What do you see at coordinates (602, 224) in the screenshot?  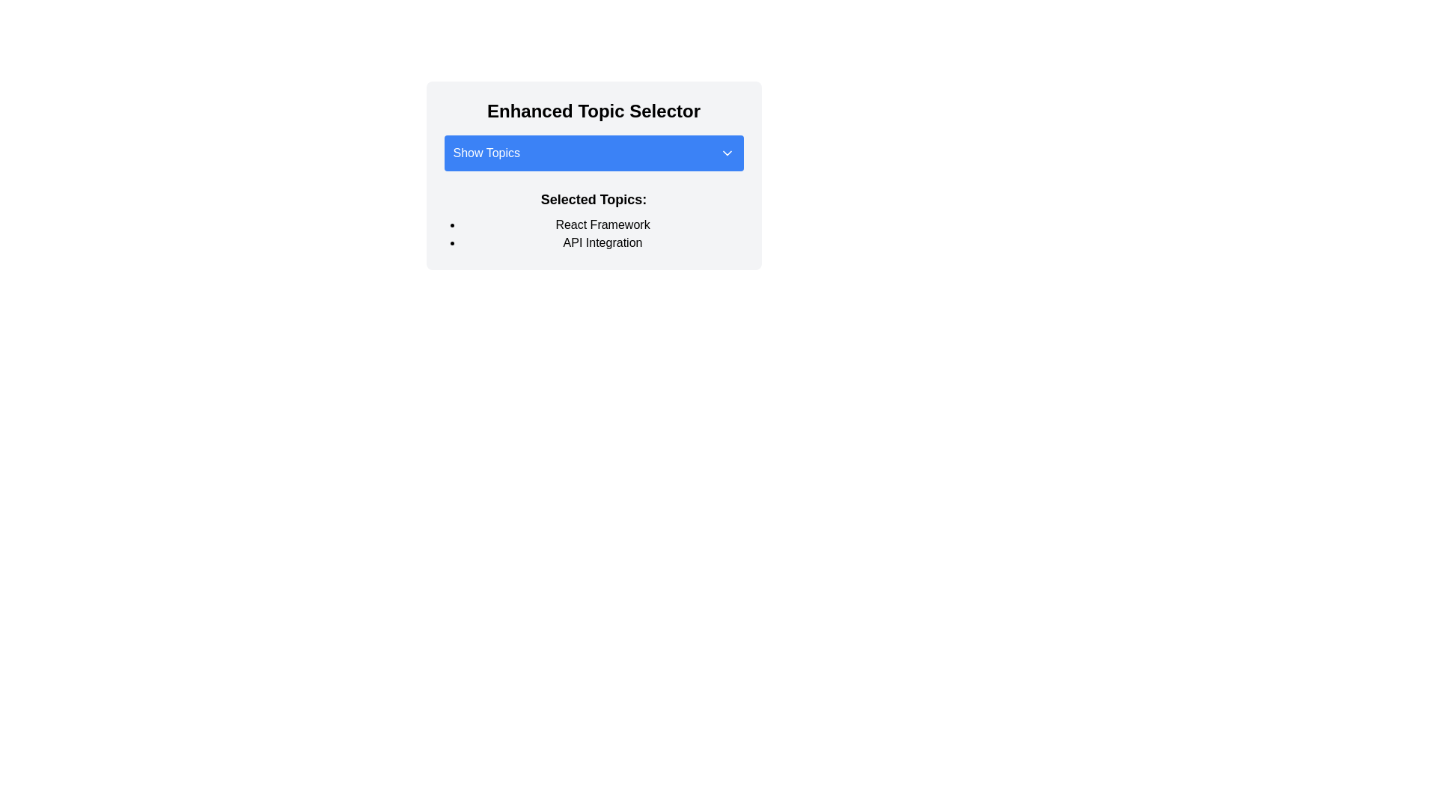 I see `the static text displaying 'React Framework'` at bounding box center [602, 224].